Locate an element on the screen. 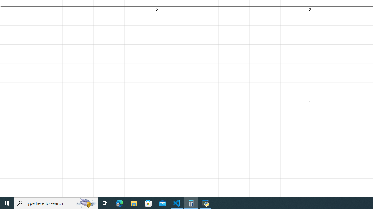 The width and height of the screenshot is (373, 209). 'Calculator - 1 running window' is located at coordinates (191, 203).